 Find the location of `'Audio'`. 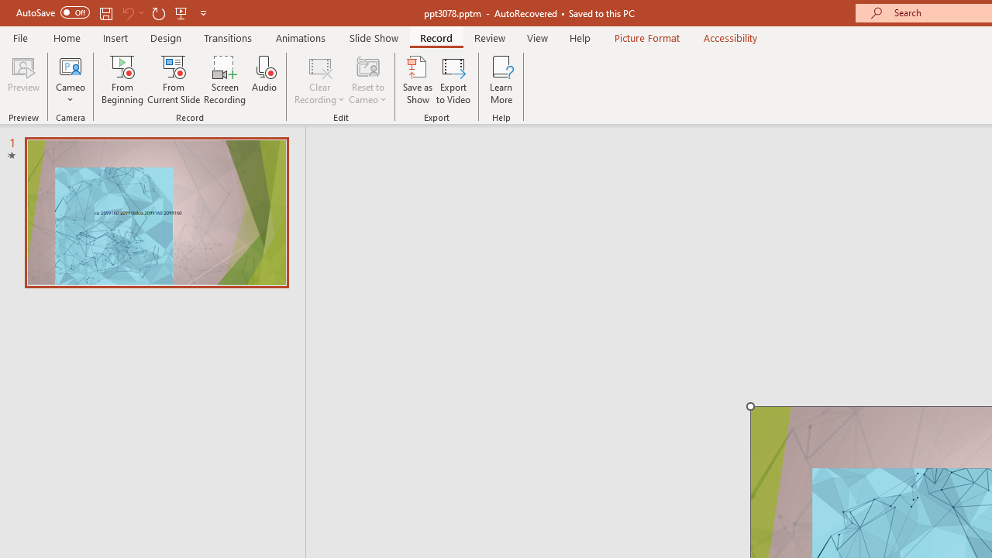

'Audio' is located at coordinates (264, 80).